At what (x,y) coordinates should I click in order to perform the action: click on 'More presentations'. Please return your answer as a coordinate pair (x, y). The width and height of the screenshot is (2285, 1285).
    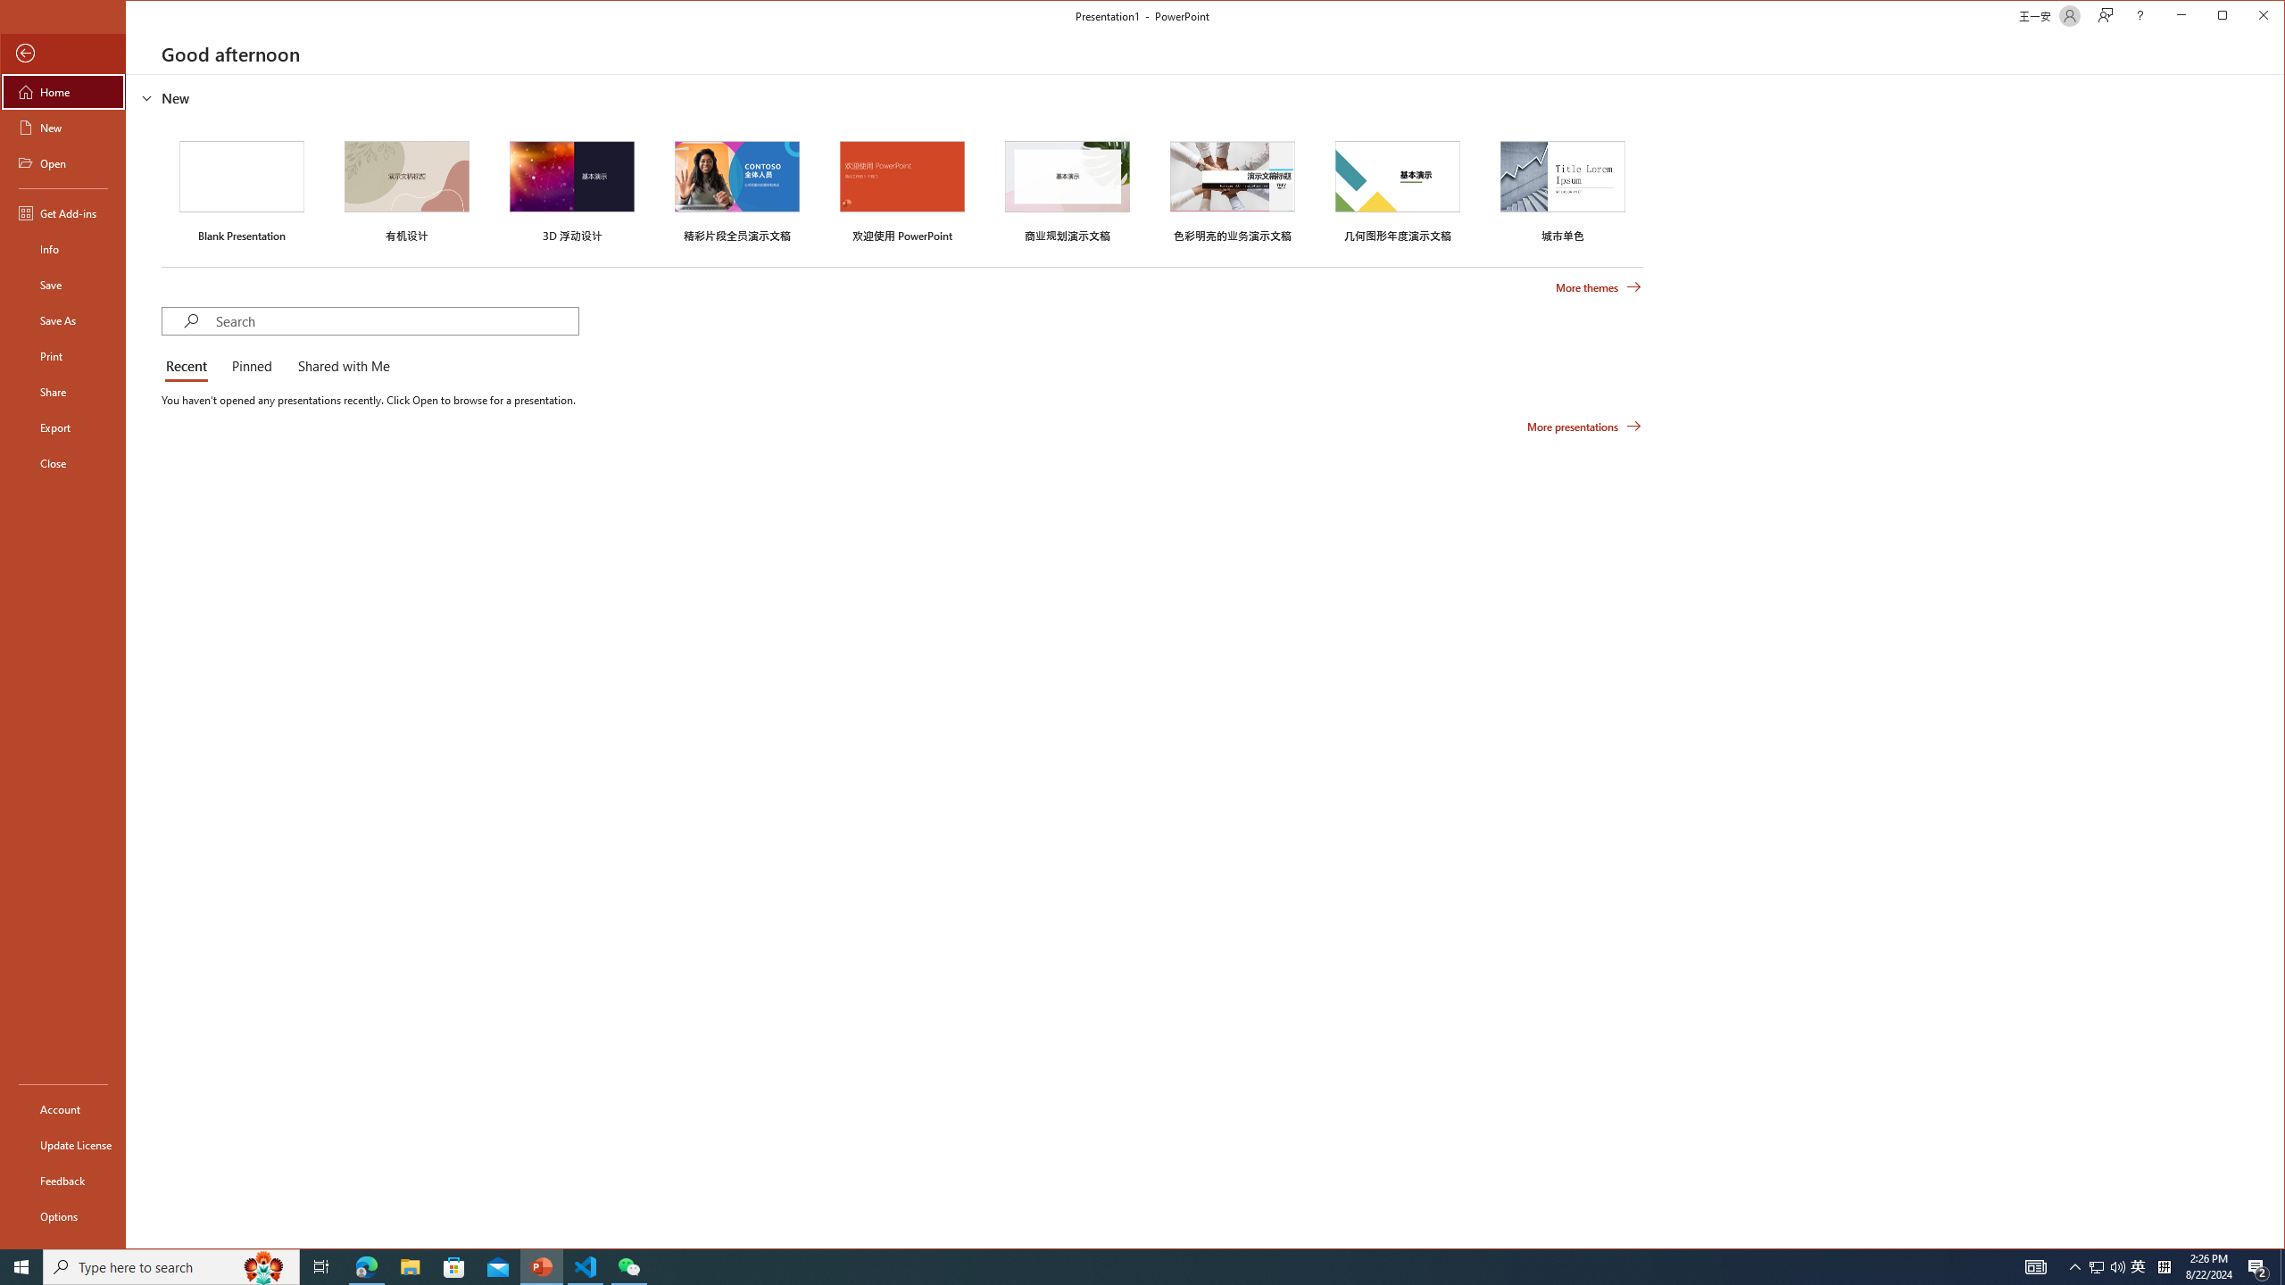
    Looking at the image, I should click on (1583, 427).